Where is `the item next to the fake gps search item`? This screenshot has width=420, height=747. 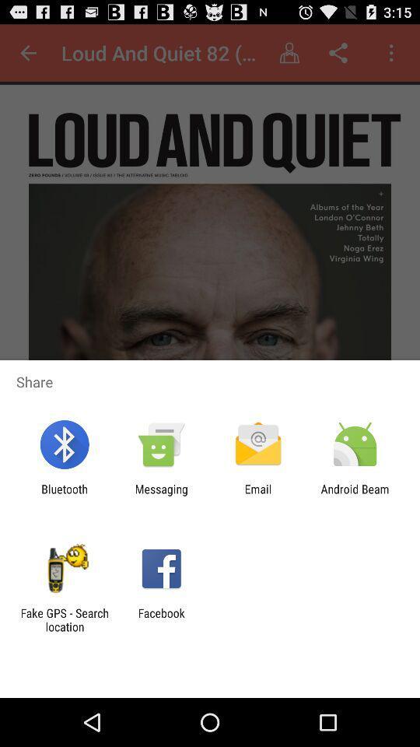 the item next to the fake gps search item is located at coordinates (160, 619).